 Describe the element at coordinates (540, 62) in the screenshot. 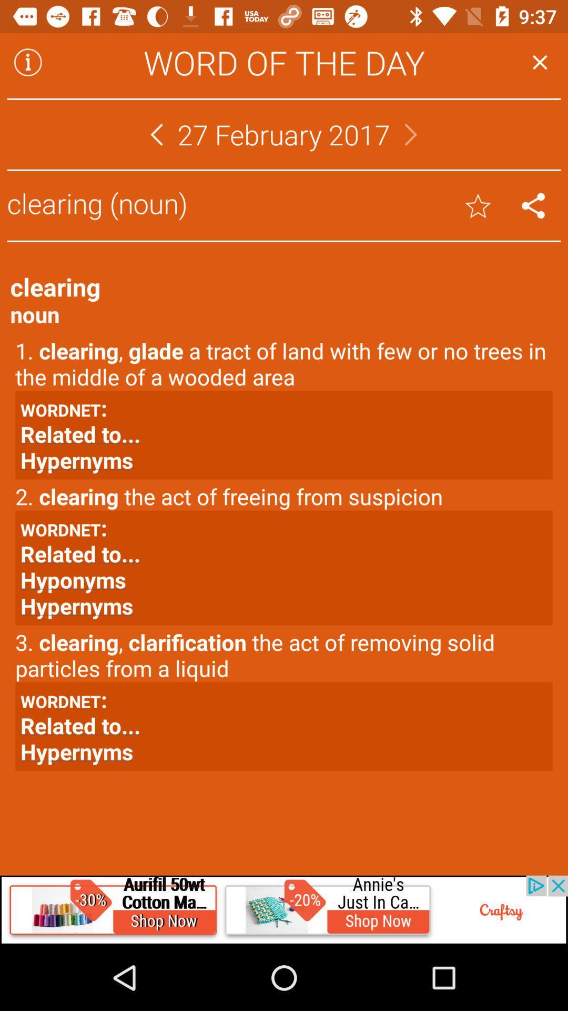

I see `button` at that location.